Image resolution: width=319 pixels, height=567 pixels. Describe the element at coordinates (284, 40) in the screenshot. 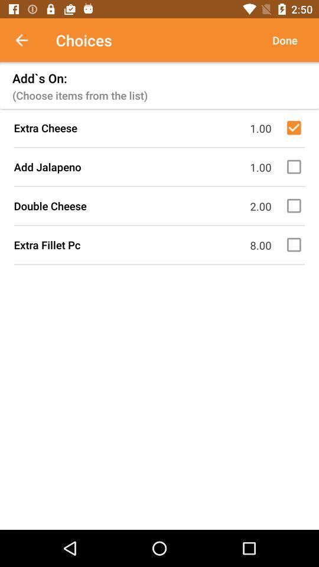

I see `icon above extra cheese` at that location.